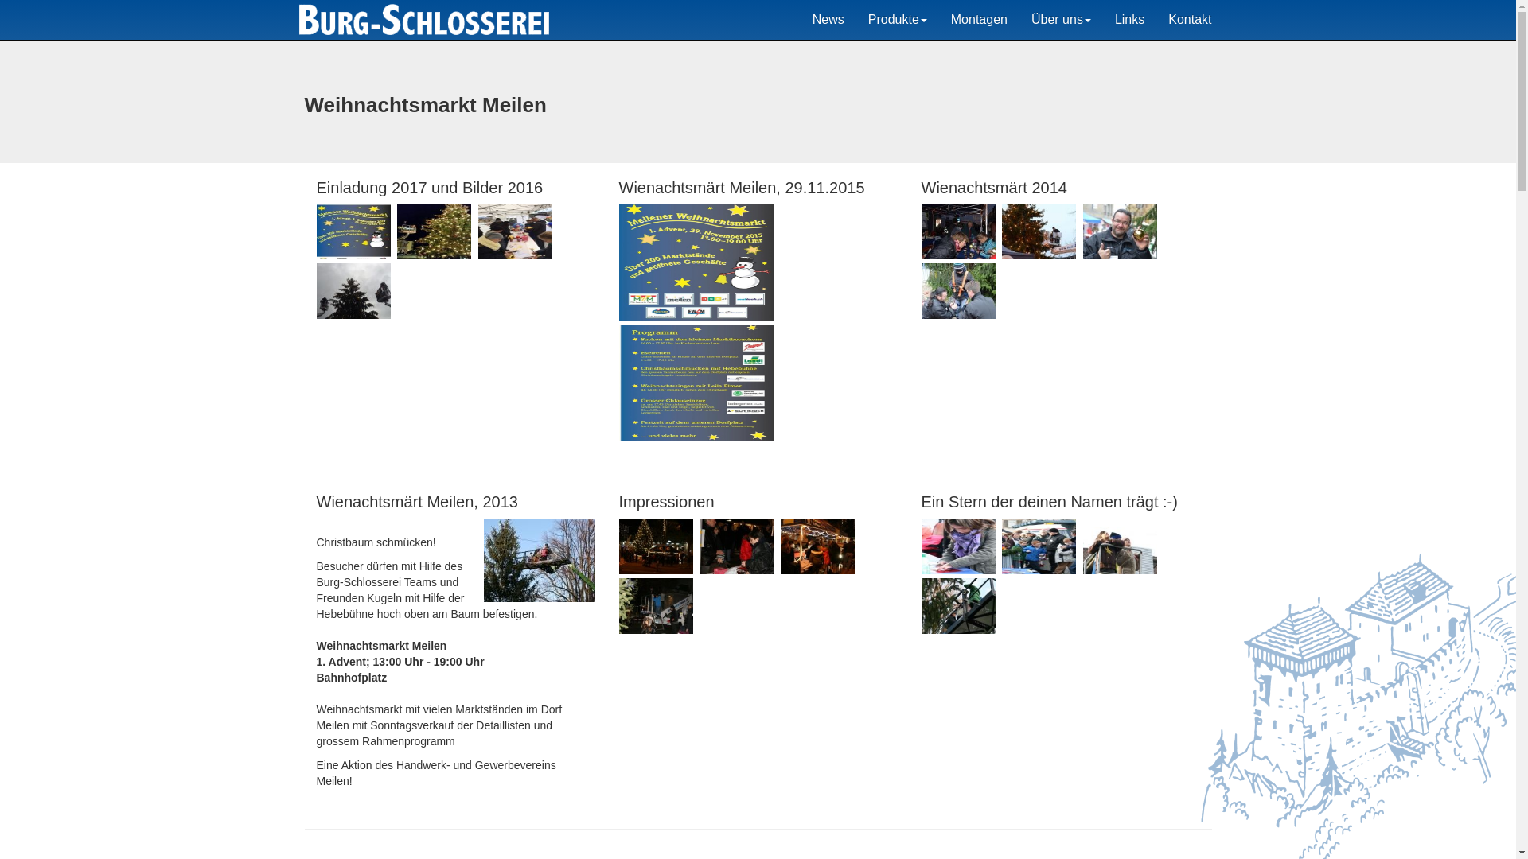  What do you see at coordinates (1189, 19) in the screenshot?
I see `'Kontakt'` at bounding box center [1189, 19].